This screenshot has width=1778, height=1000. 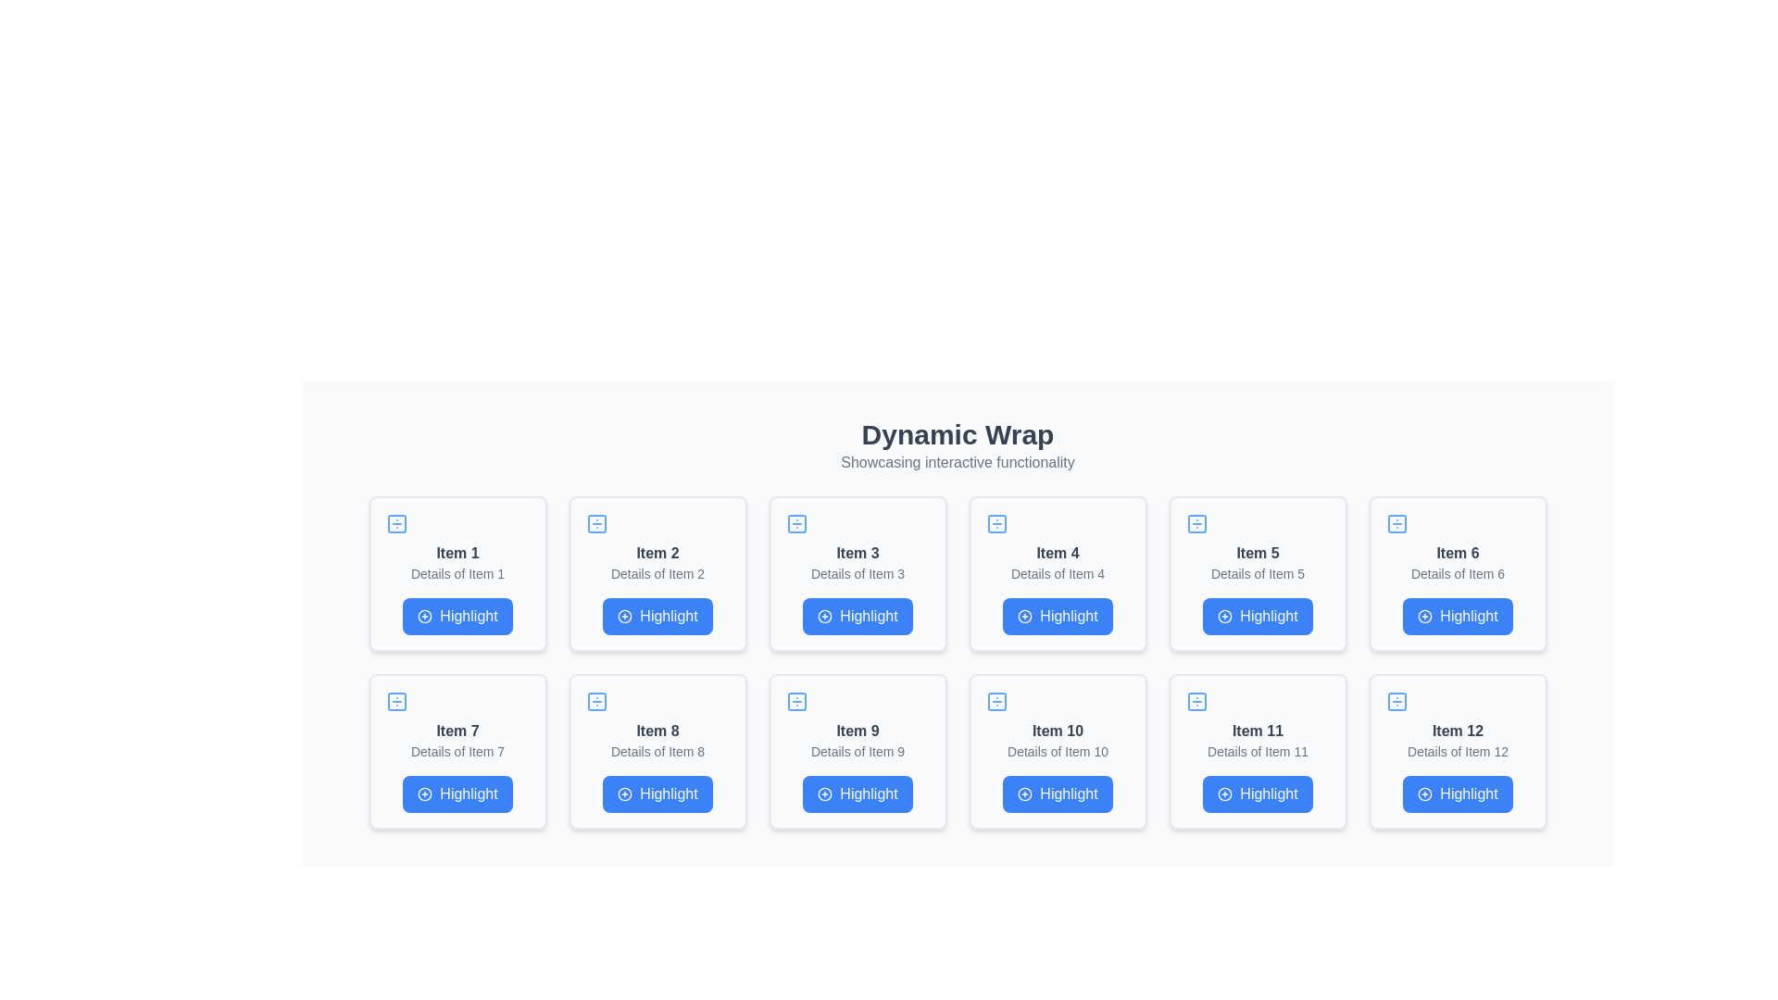 What do you see at coordinates (1457, 573) in the screenshot?
I see `the text label that reads 'Details of Item 6', which is styled in a small gray font and located within the card layout for 'Item 6', positioned below the main title and above the blue 'Highlight' button` at bounding box center [1457, 573].